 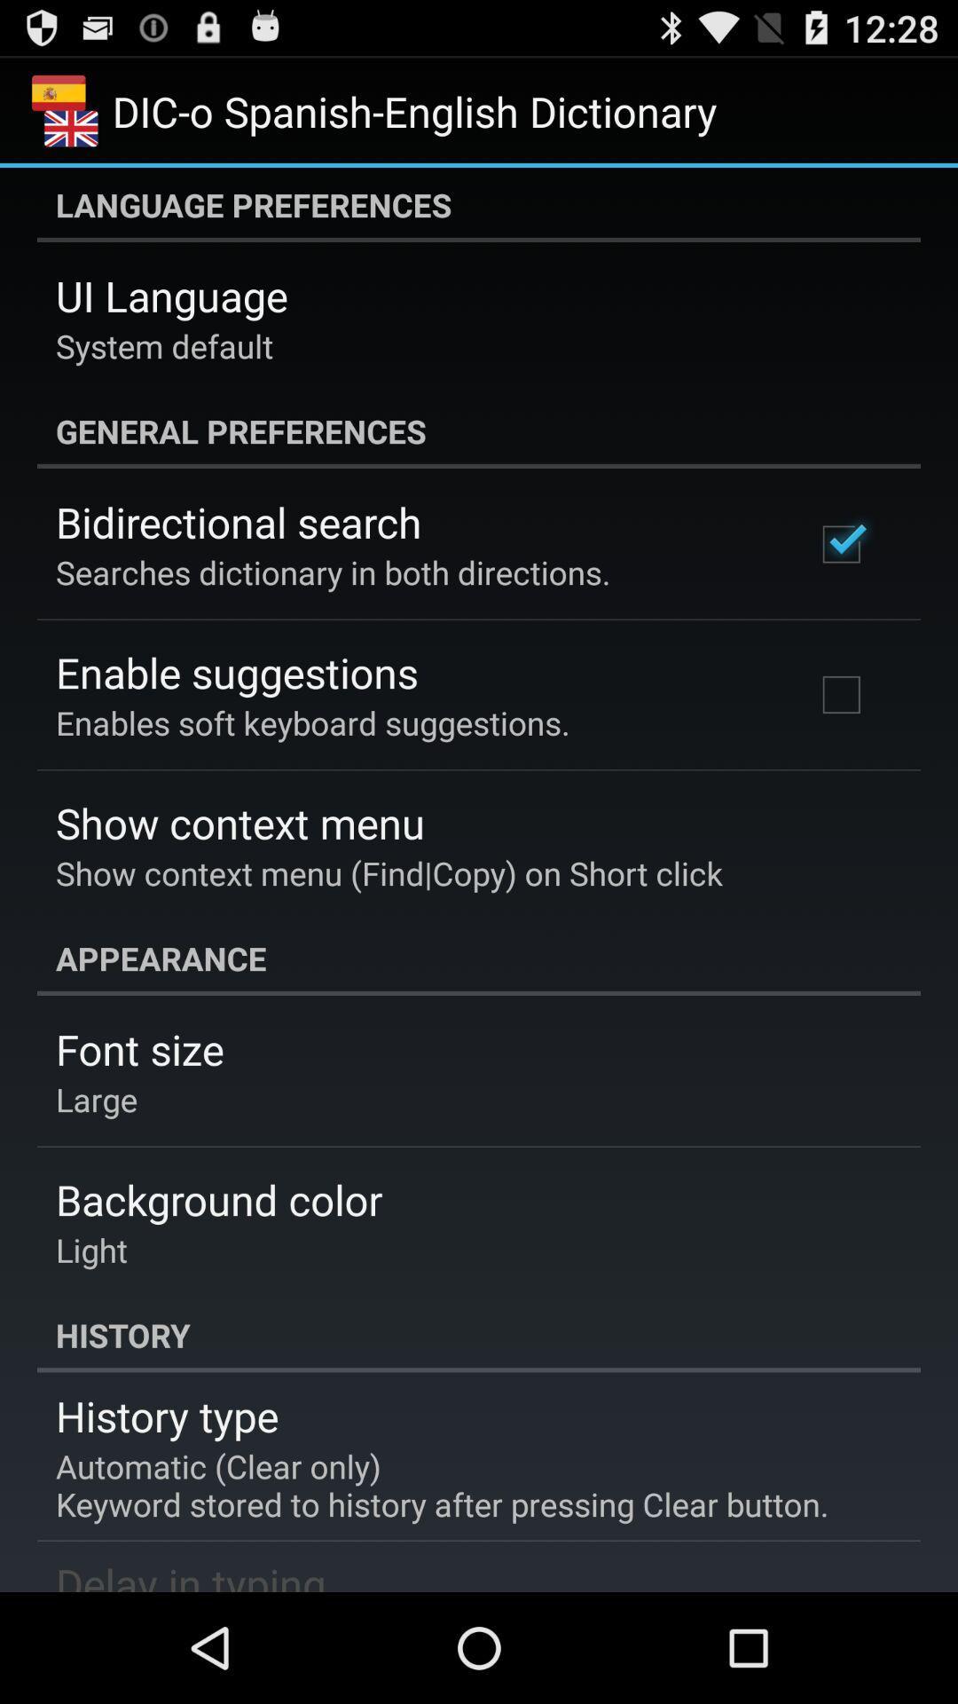 I want to click on icon below the appearance item, so click(x=138, y=1049).